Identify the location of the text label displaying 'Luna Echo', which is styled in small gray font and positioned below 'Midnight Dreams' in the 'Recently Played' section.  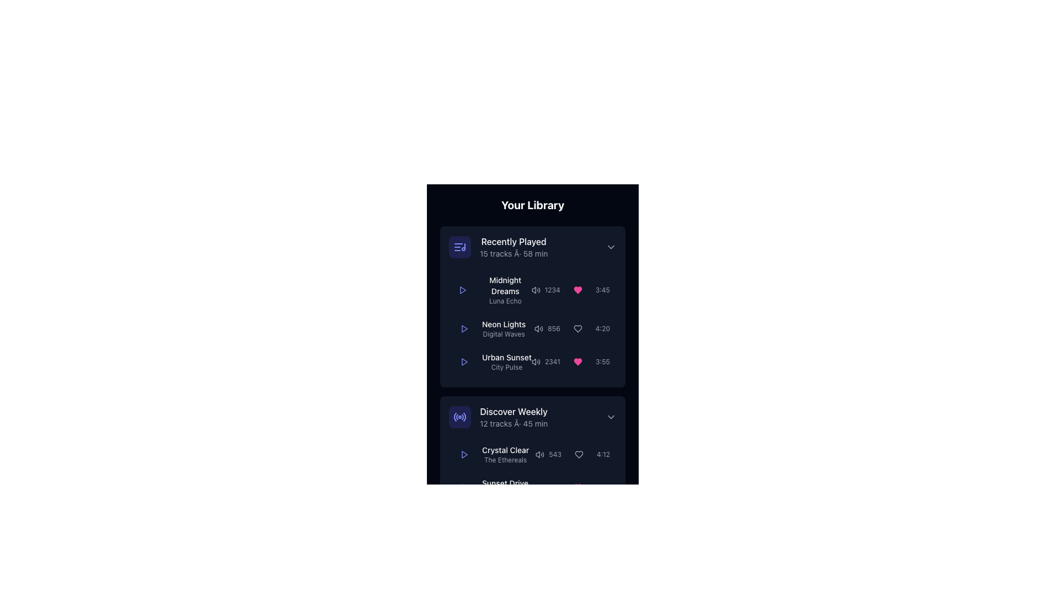
(505, 301).